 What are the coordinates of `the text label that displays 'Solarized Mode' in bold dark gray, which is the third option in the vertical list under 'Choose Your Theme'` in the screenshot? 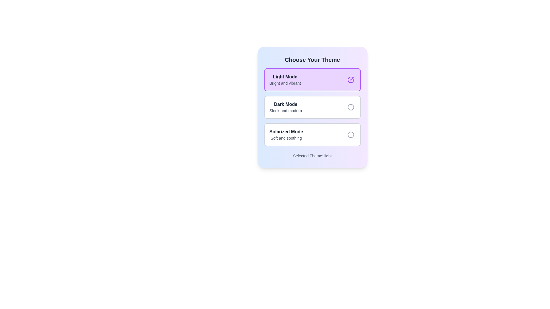 It's located at (288, 134).